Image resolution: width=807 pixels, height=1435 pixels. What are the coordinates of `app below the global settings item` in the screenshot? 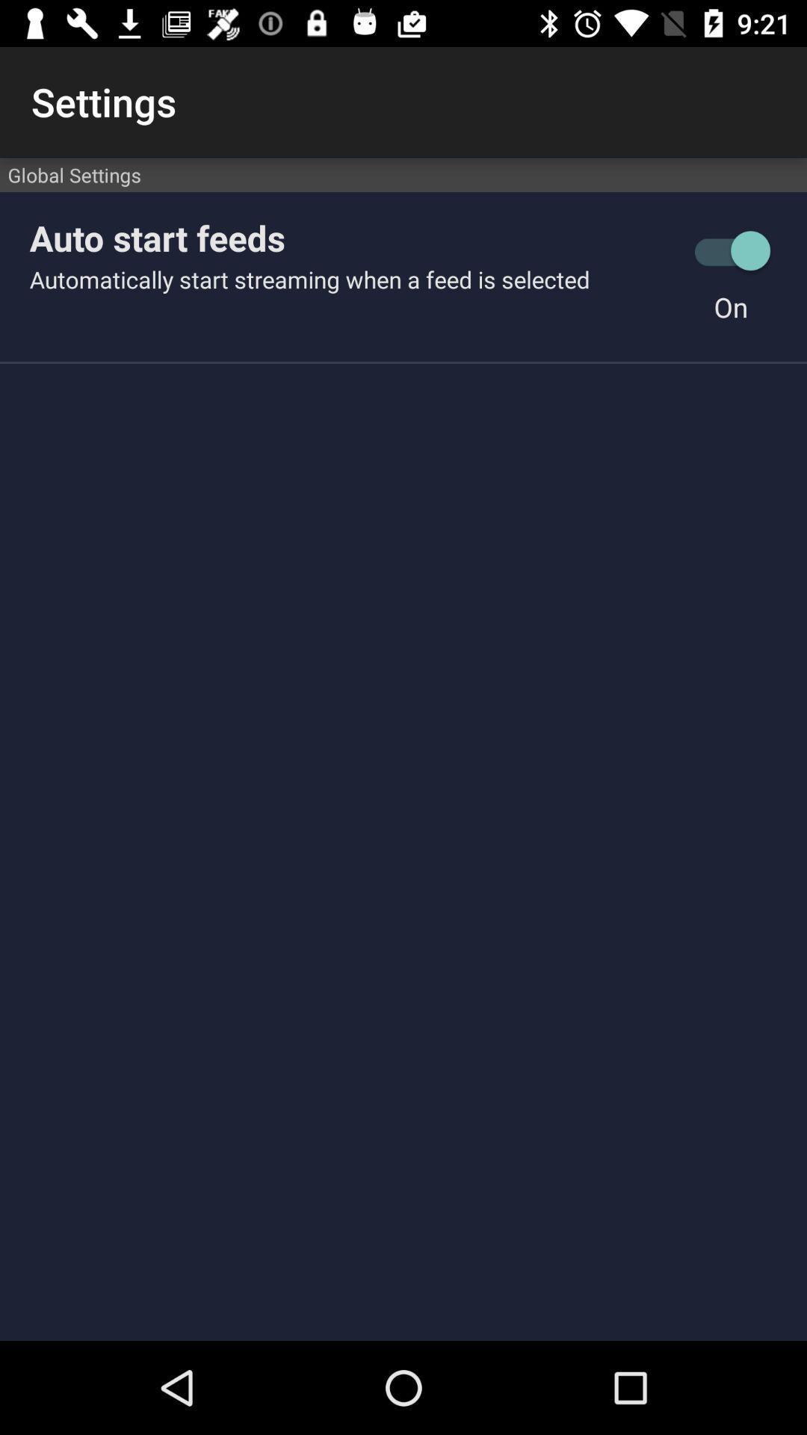 It's located at (730, 250).